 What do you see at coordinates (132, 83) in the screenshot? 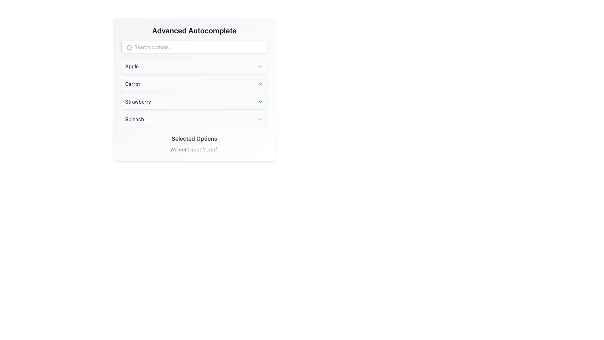
I see `the text label that describes an option, which is located to the left of a green downward-chevron icon in the middle of a list of options` at bounding box center [132, 83].